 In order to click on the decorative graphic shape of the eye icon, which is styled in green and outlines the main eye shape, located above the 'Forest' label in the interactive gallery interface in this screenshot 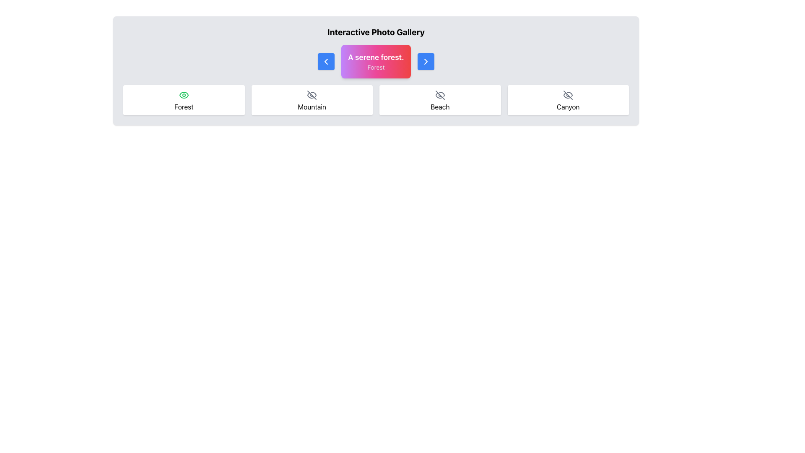, I will do `click(183, 95)`.